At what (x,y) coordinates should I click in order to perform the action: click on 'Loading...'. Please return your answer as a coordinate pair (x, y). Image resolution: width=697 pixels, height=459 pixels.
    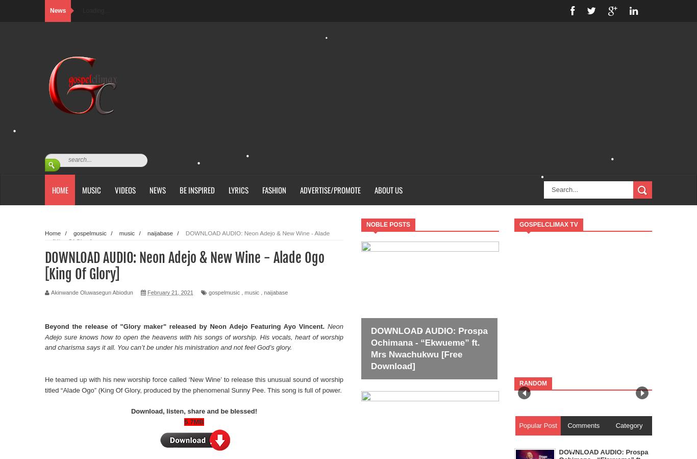
    Looking at the image, I should click on (95, 10).